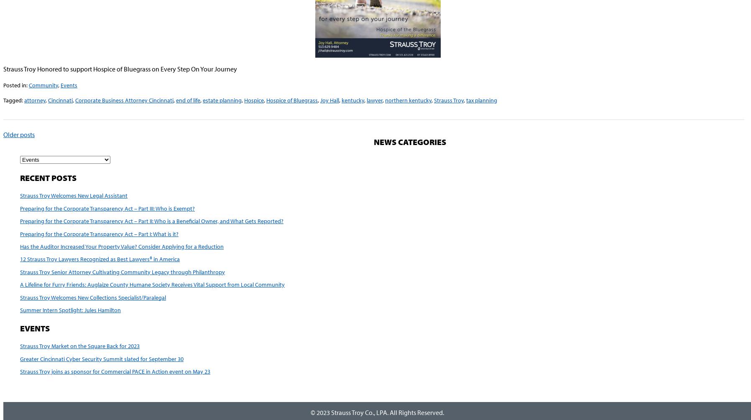  What do you see at coordinates (188, 99) in the screenshot?
I see `'end of life'` at bounding box center [188, 99].